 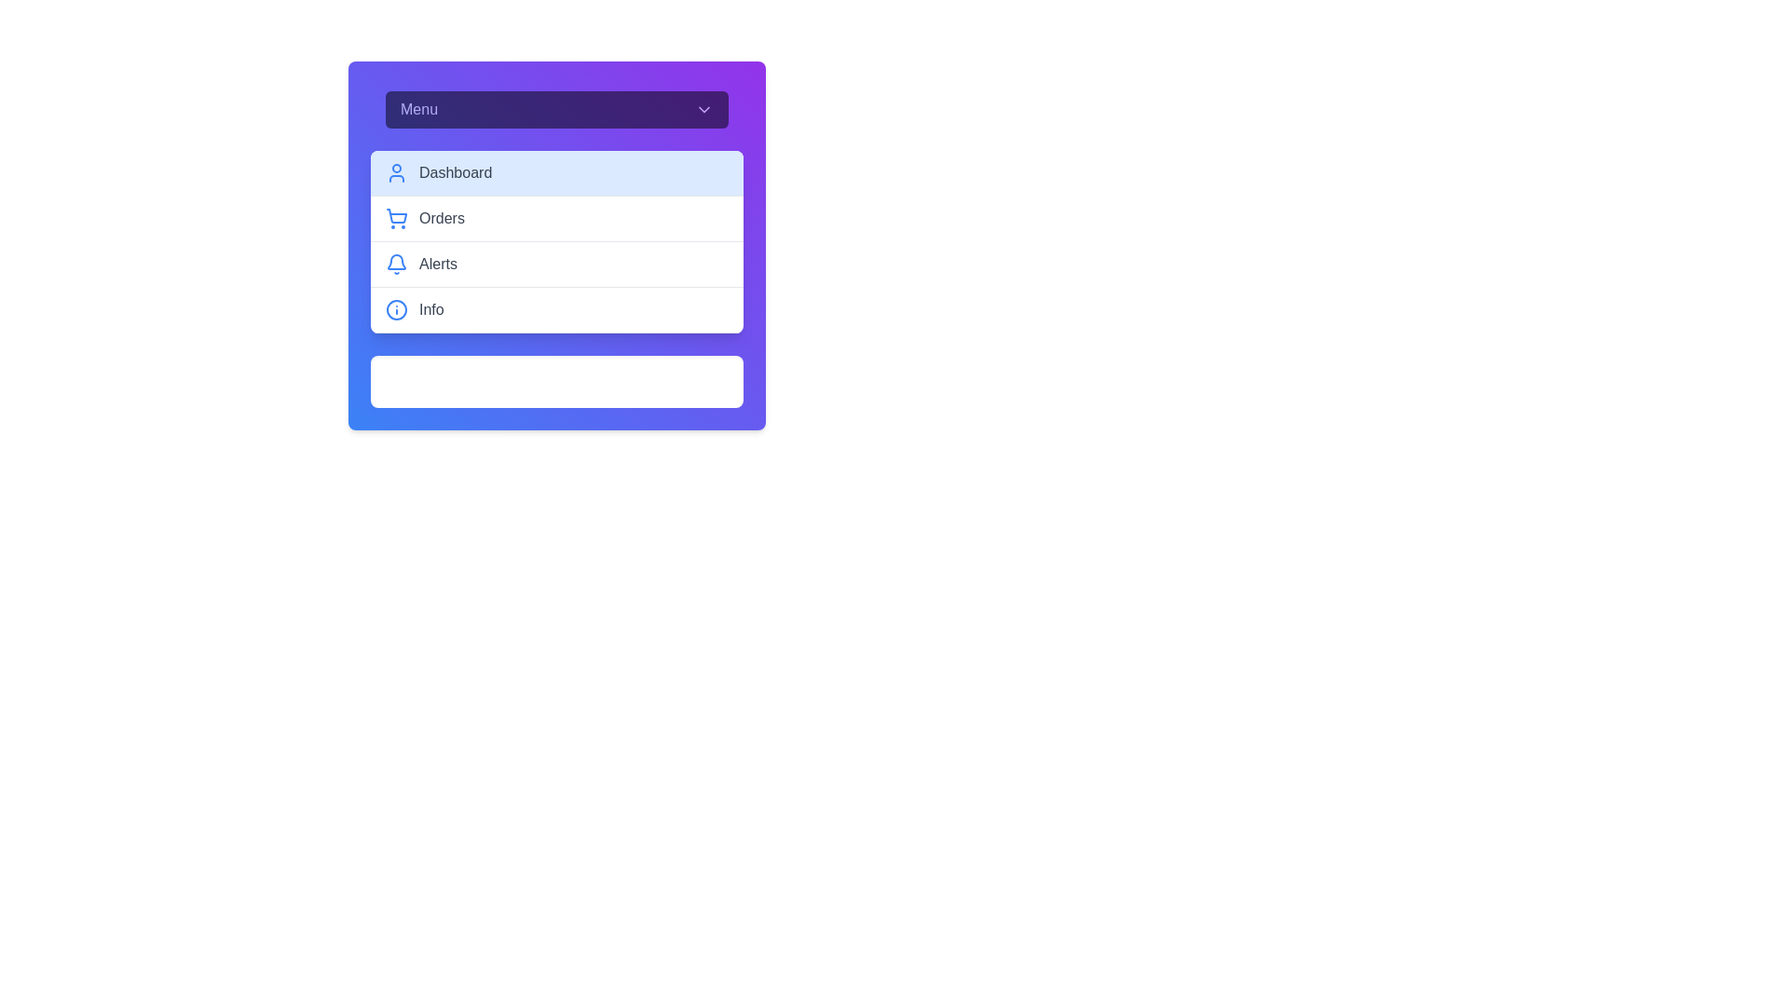 What do you see at coordinates (396, 172) in the screenshot?
I see `the user icon with a blue outline located to the left of the 'Dashboard' text in the first list item of the vertically arranged menu` at bounding box center [396, 172].